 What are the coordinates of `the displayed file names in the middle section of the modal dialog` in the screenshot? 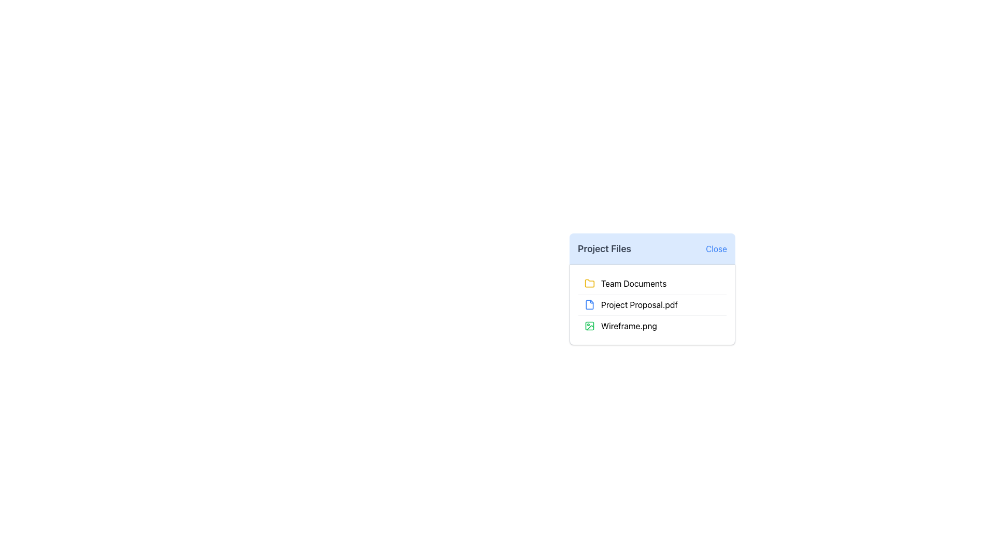 It's located at (651, 313).